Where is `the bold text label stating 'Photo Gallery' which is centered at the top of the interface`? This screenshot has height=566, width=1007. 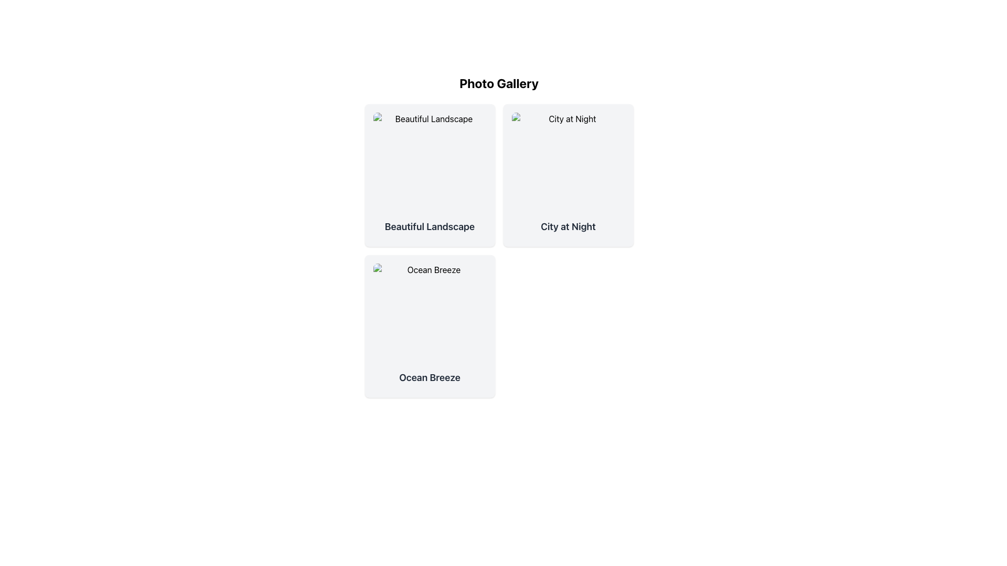
the bold text label stating 'Photo Gallery' which is centered at the top of the interface is located at coordinates (498, 82).